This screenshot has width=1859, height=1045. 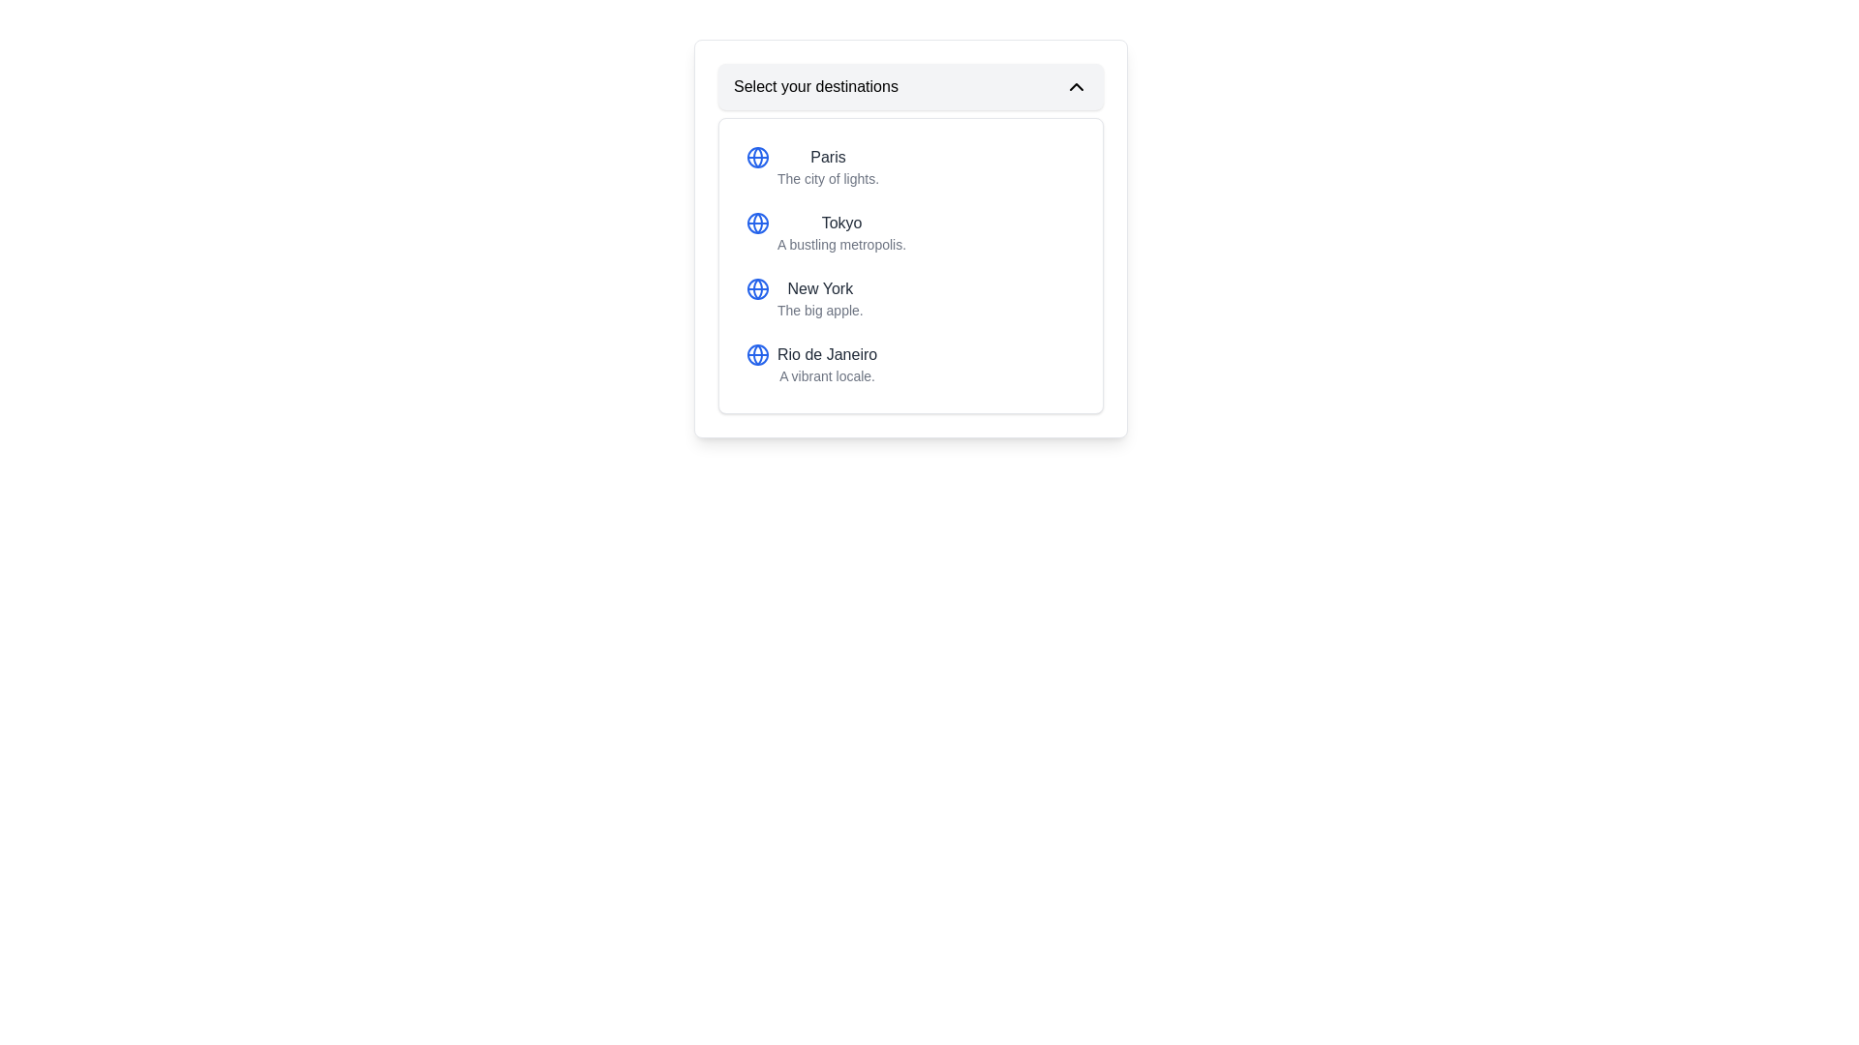 I want to click on the text content block titled 'Tokyo', so click(x=841, y=231).